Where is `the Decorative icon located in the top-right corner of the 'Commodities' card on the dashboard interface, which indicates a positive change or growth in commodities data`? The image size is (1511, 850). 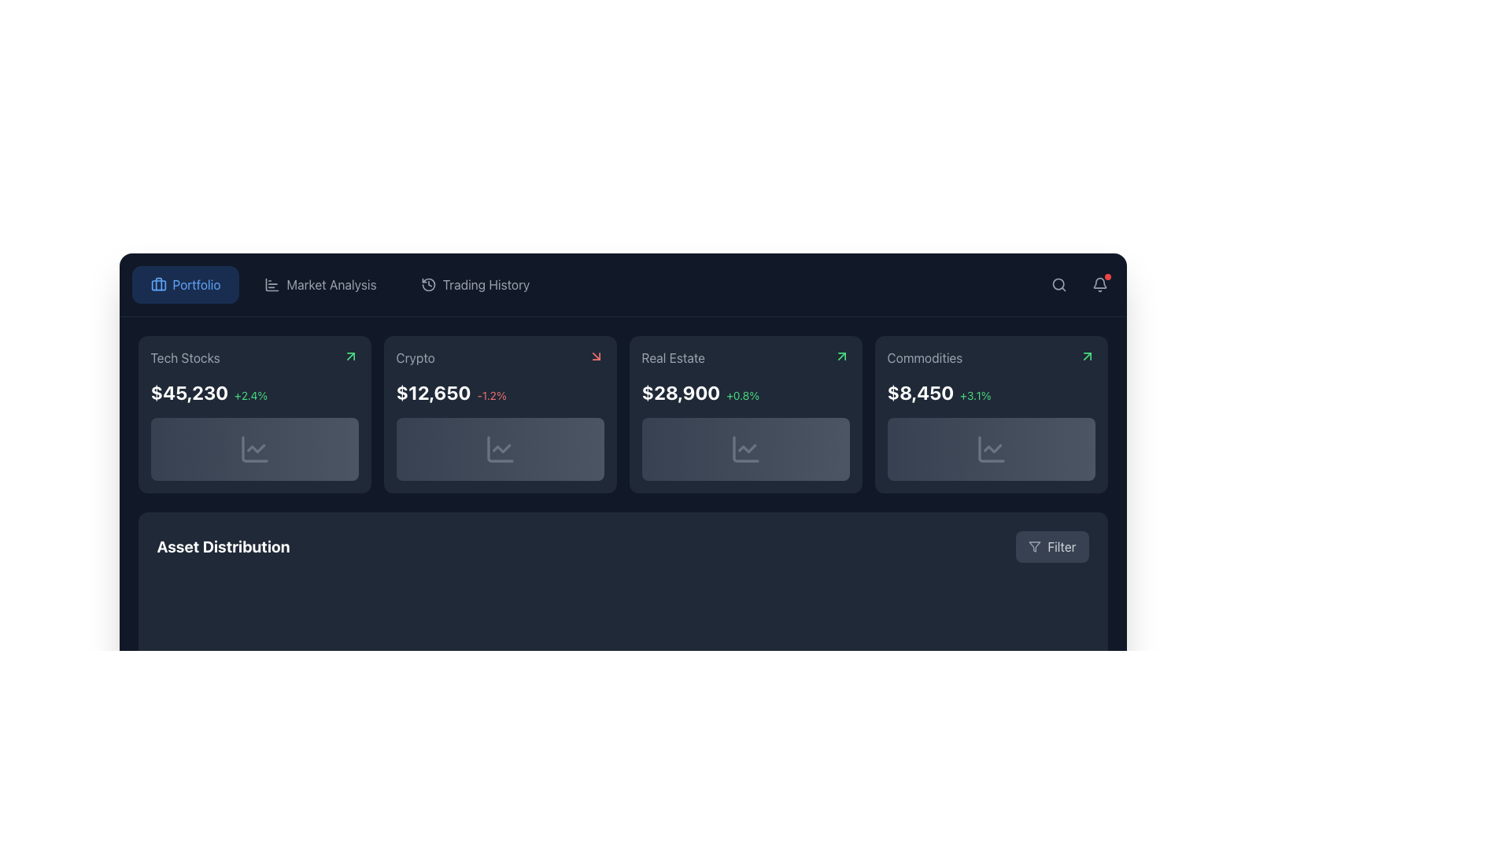 the Decorative icon located in the top-right corner of the 'Commodities' card on the dashboard interface, which indicates a positive change or growth in commodities data is located at coordinates (1086, 356).